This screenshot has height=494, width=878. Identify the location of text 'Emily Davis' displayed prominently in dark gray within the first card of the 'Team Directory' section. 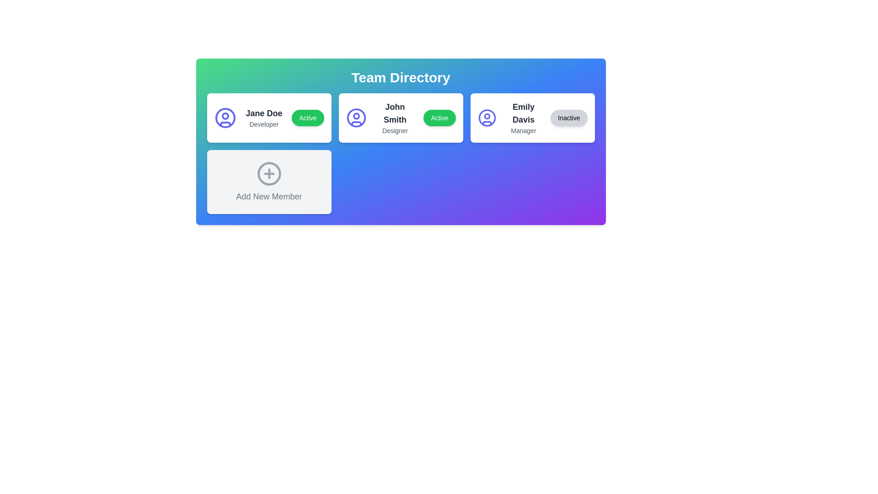
(523, 113).